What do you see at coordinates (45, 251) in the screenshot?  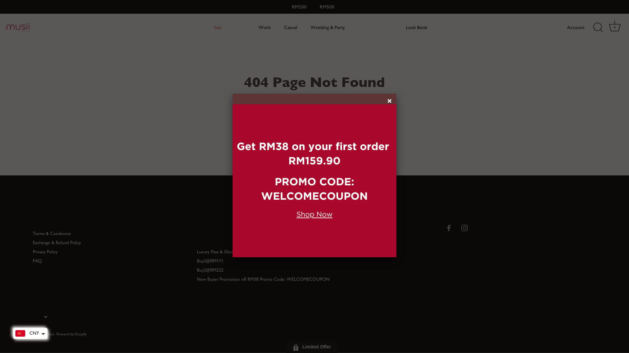 I see `'Privacy Policy'` at bounding box center [45, 251].